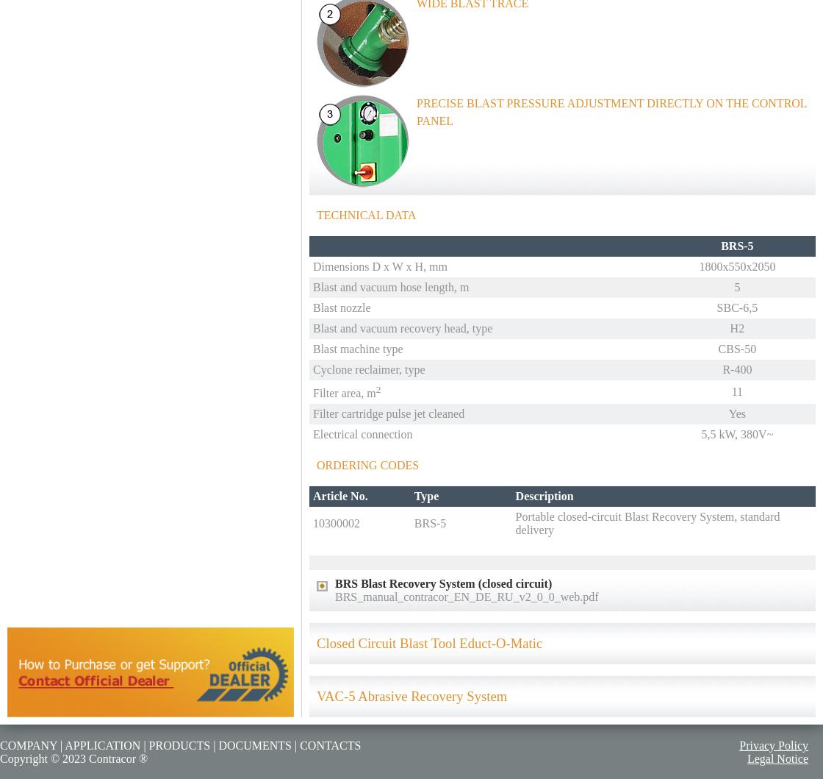  I want to click on 'VAC-5 Abrasive Recovery System', so click(412, 695).